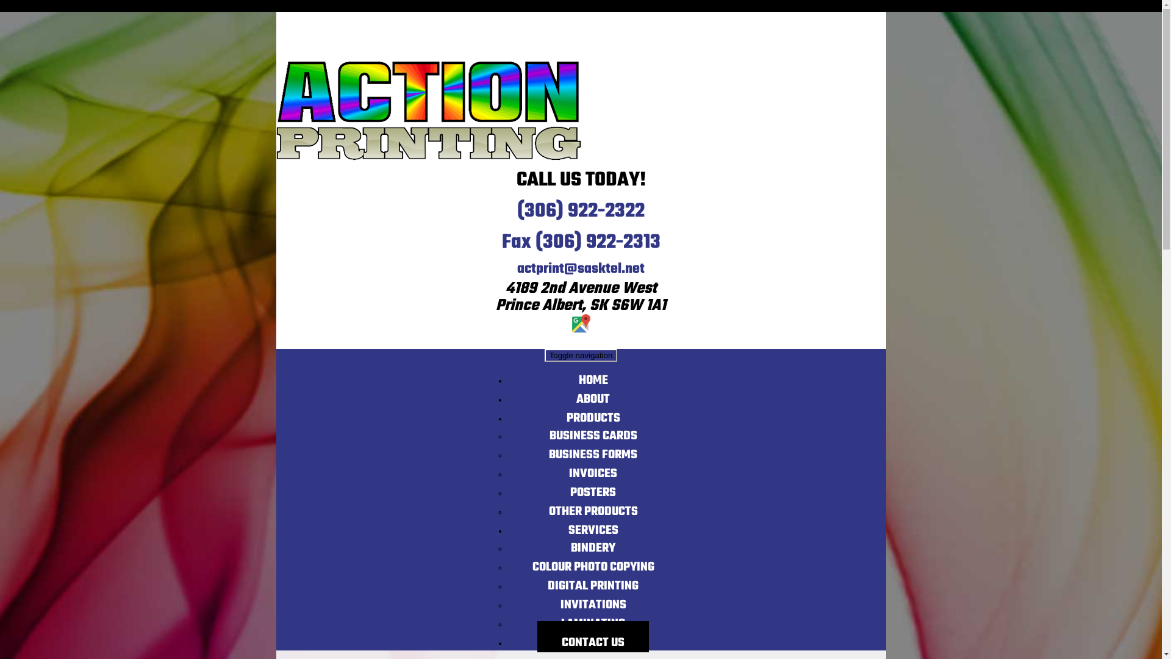 This screenshot has width=1171, height=659. Describe the element at coordinates (593, 524) in the screenshot. I see `'SERVICES'` at that location.